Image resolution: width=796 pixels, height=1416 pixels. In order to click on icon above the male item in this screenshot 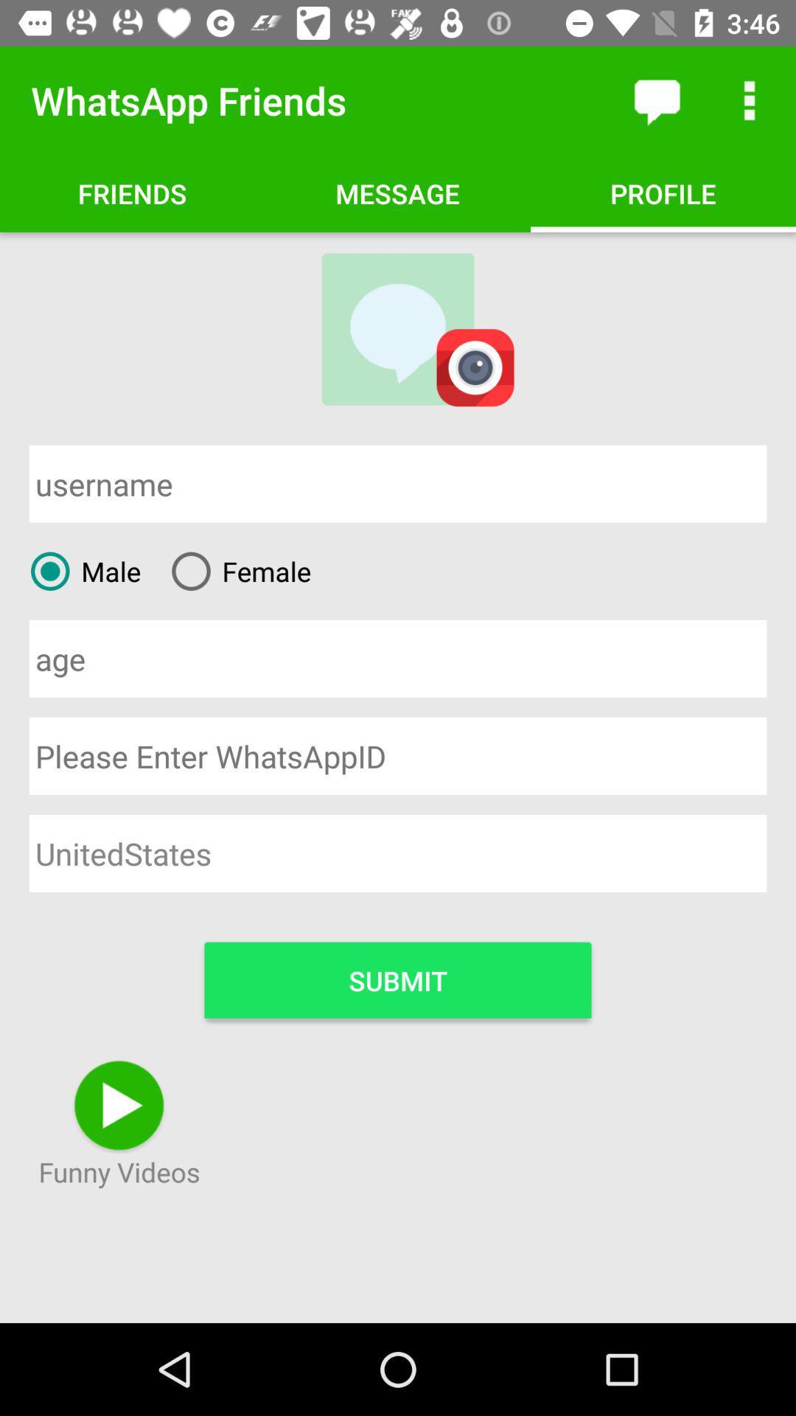, I will do `click(398, 484)`.